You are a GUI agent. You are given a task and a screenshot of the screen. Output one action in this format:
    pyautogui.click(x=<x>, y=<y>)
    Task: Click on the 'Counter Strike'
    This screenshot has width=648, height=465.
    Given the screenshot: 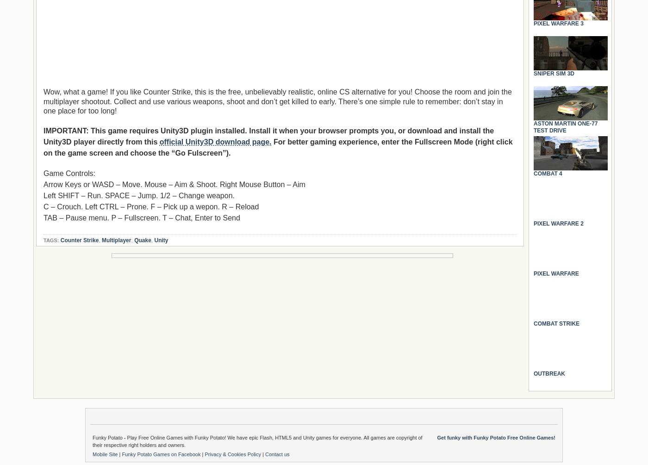 What is the action you would take?
    pyautogui.click(x=79, y=240)
    